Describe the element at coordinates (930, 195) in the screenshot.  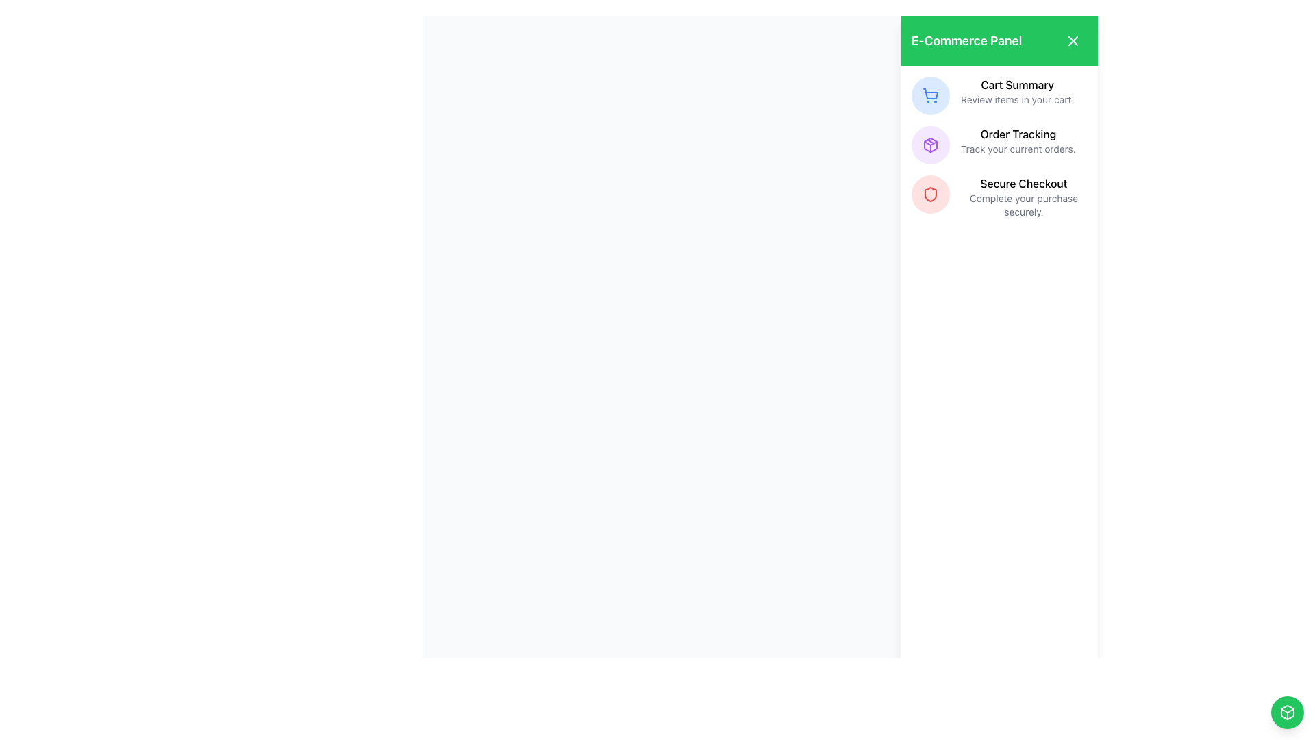
I see `the circular icon with a red shield symbol, which is located on the right-side panel under the 'Secure Checkout' label` at that location.